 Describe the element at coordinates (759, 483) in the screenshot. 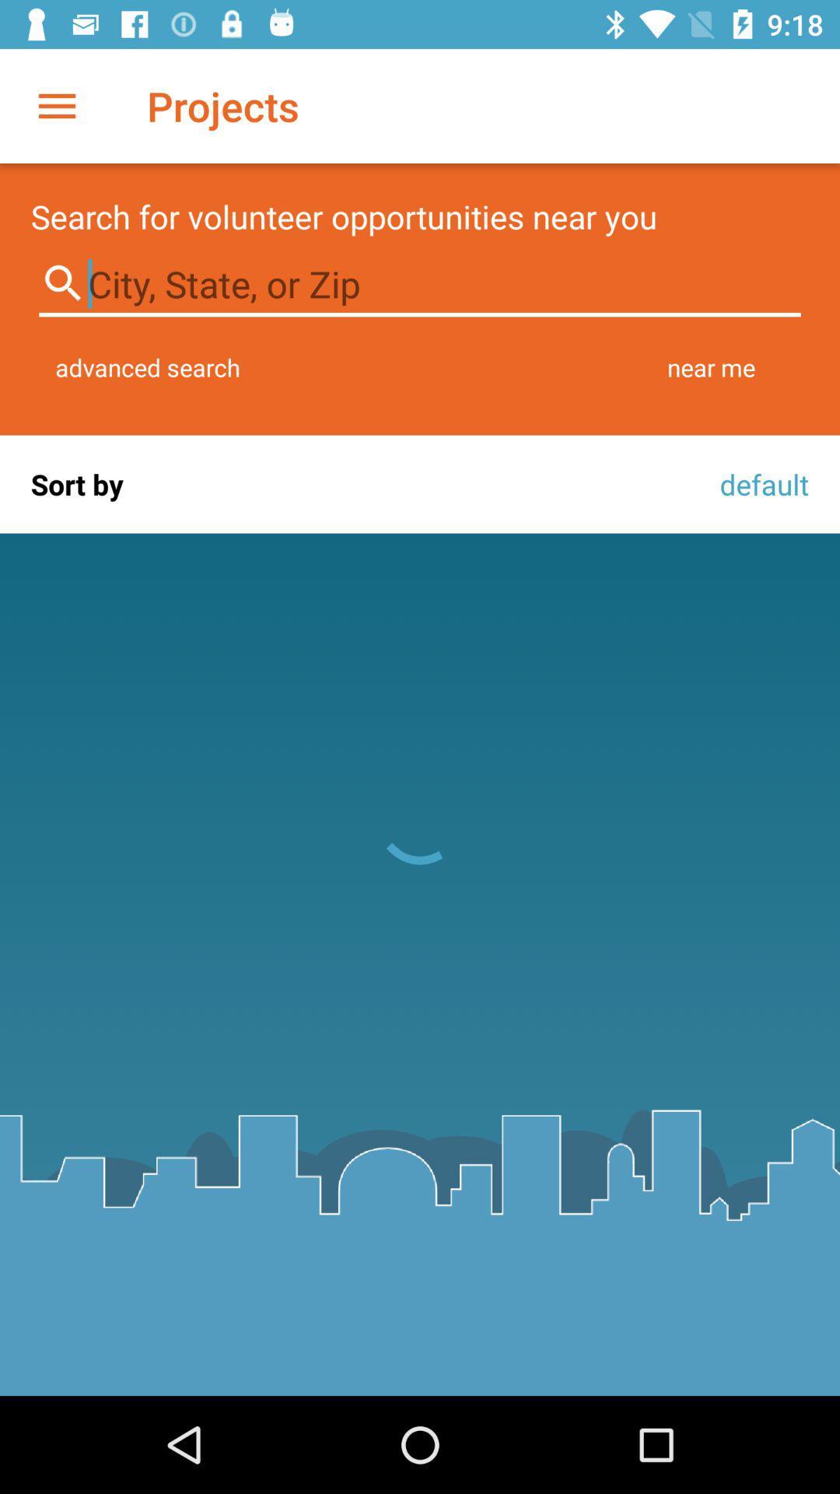

I see `the item next to the sort by` at that location.